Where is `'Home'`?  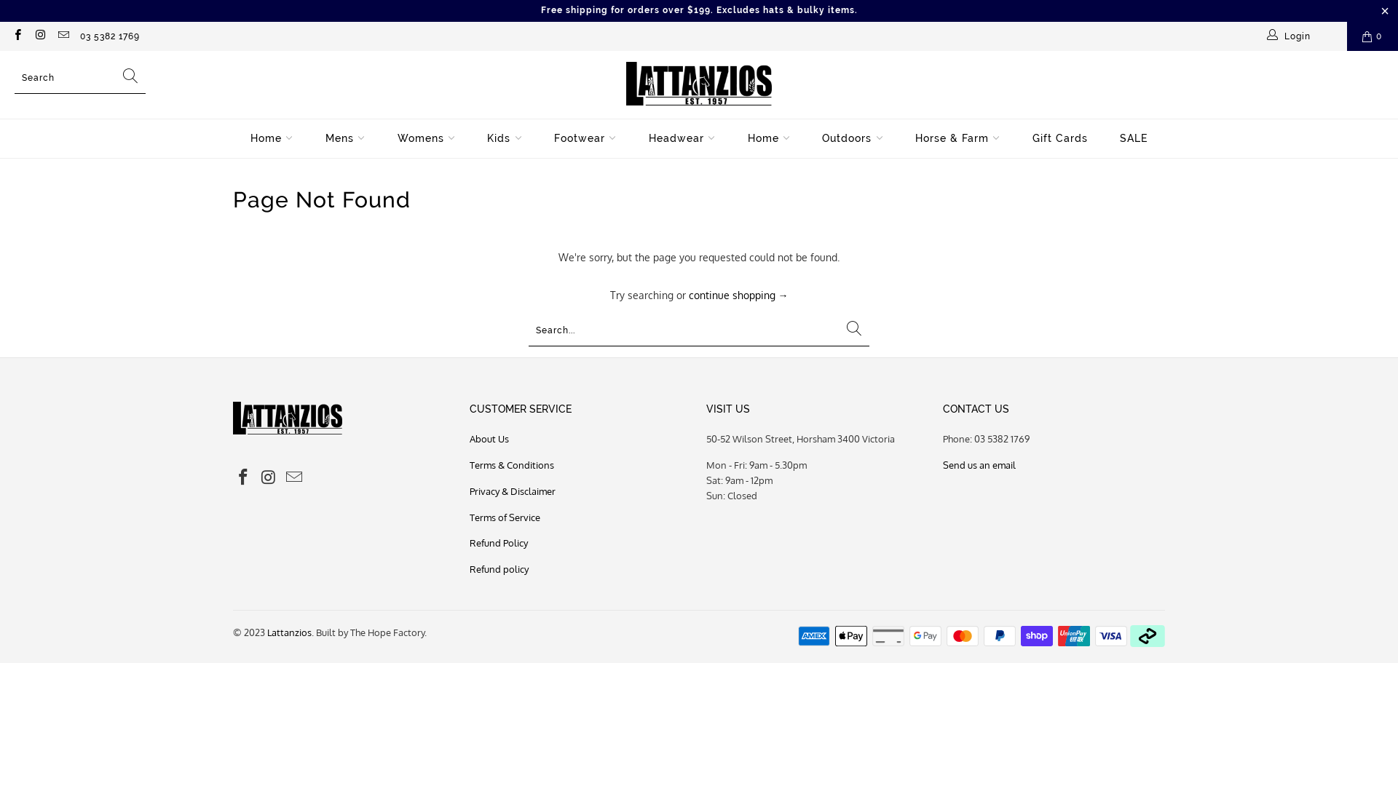 'Home' is located at coordinates (768, 138).